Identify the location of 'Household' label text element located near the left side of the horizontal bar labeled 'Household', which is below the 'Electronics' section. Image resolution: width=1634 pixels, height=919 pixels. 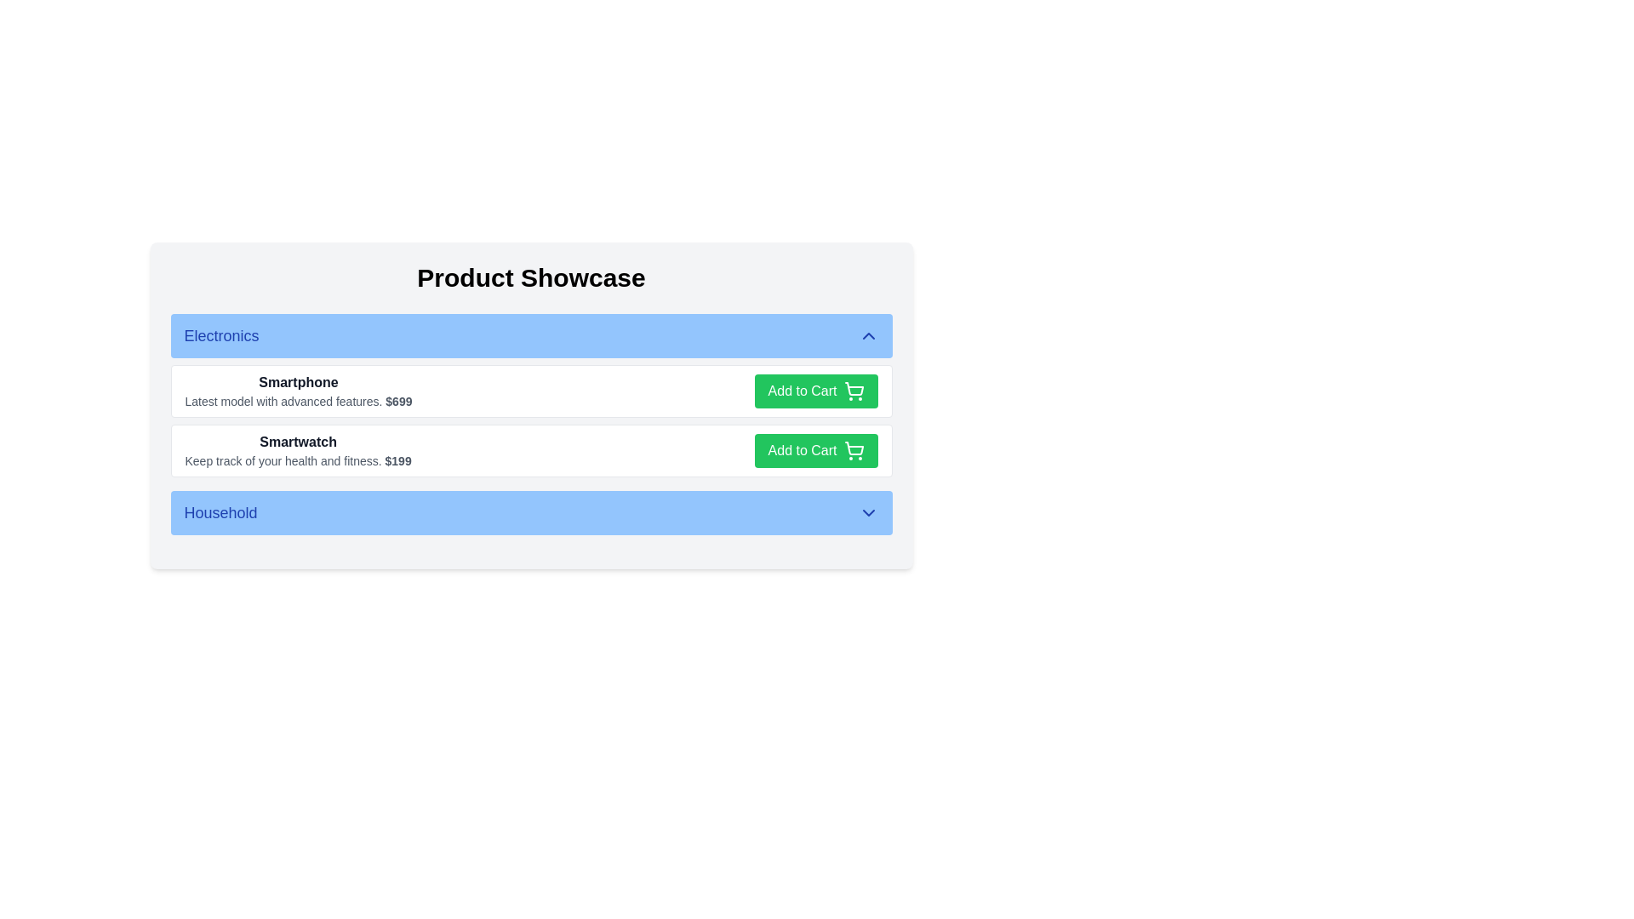
(220, 511).